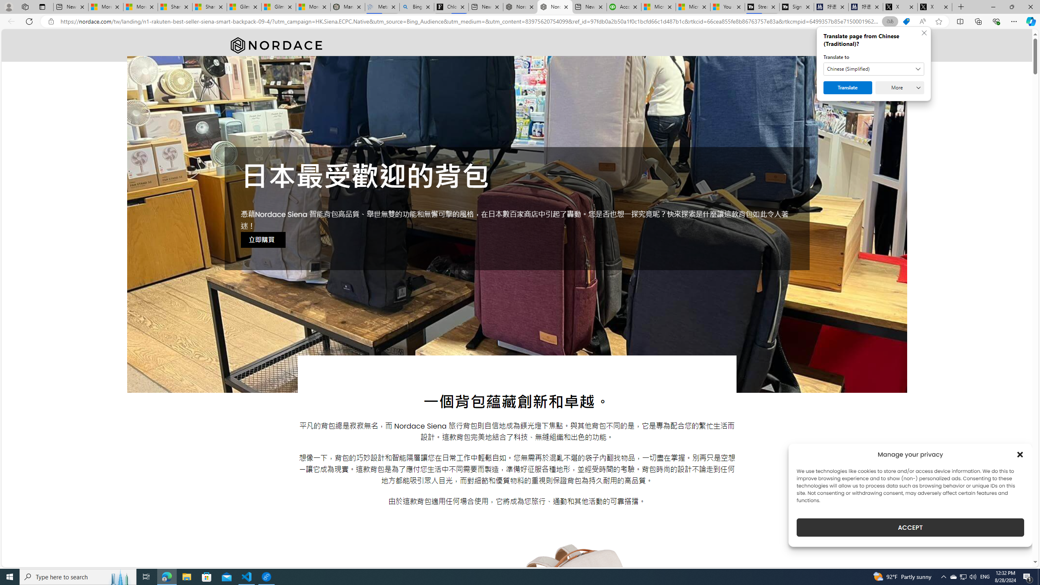 This screenshot has width=1040, height=585. I want to click on 'Streaming Coverage | T3', so click(762, 6).